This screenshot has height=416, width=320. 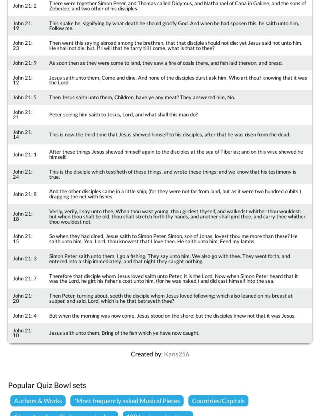 I want to click on 'John 21: 21', so click(x=22, y=114).